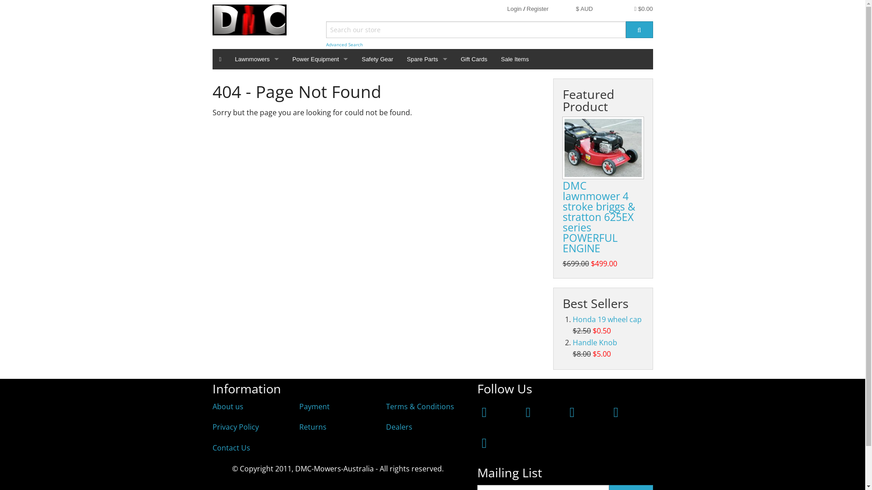  I want to click on 'Power Cleaners', so click(285, 91).